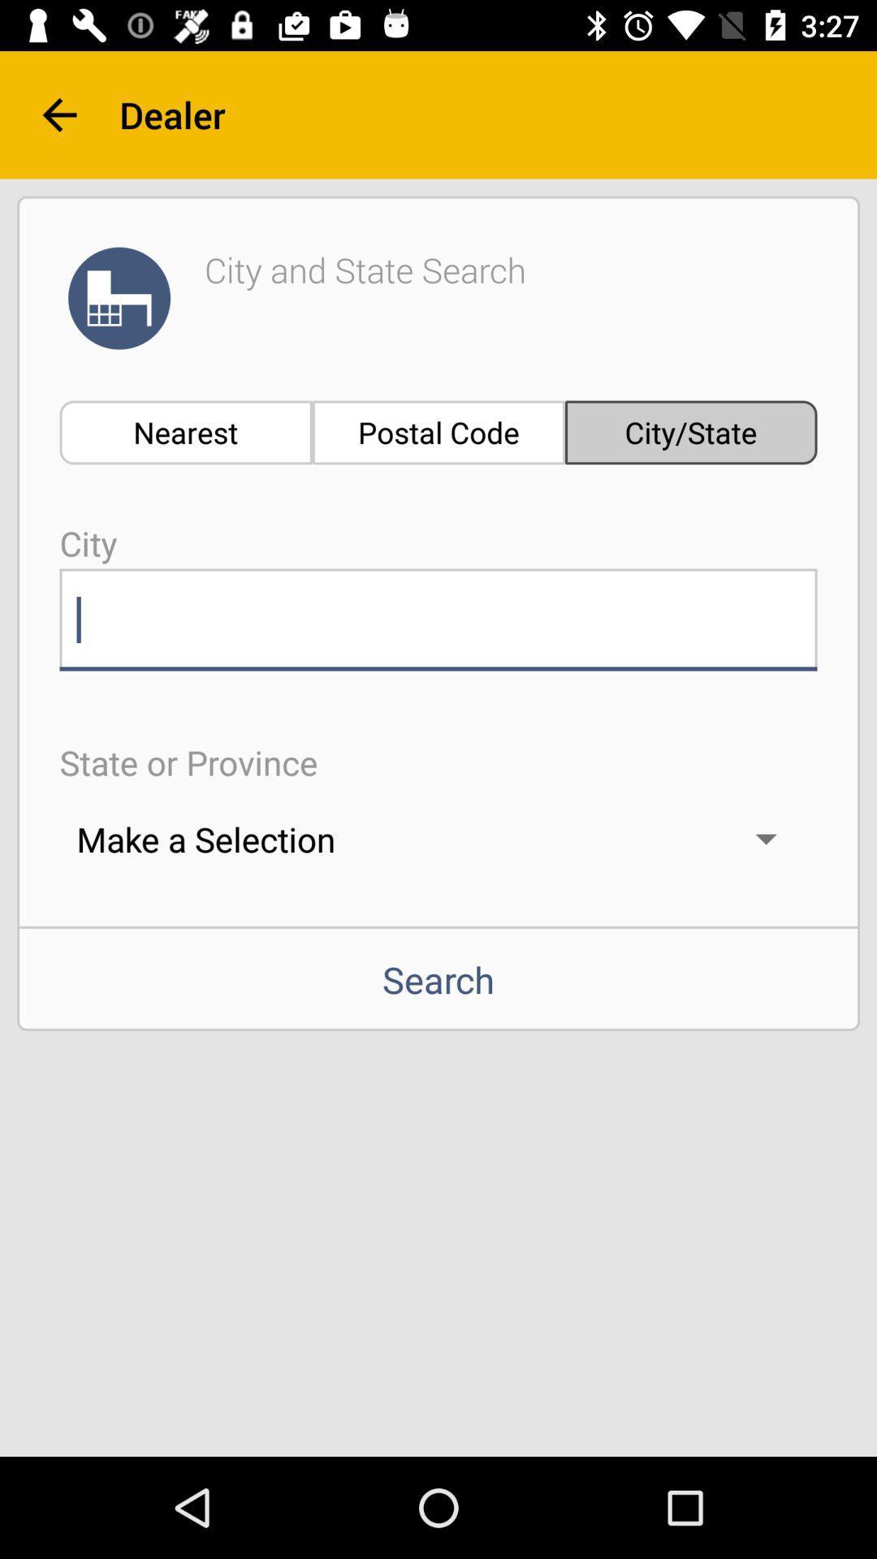 The width and height of the screenshot is (877, 1559). What do you see at coordinates (58, 114) in the screenshot?
I see `the arrow_backward icon` at bounding box center [58, 114].